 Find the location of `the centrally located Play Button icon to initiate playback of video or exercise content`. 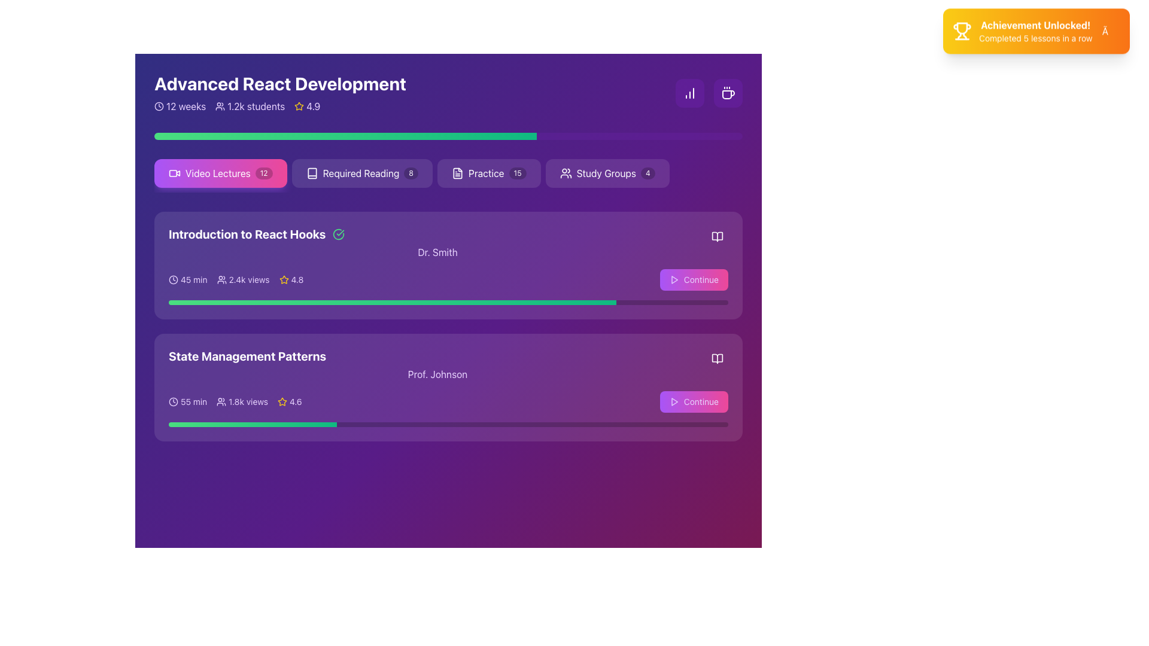

the centrally located Play Button icon to initiate playback of video or exercise content is located at coordinates (674, 279).